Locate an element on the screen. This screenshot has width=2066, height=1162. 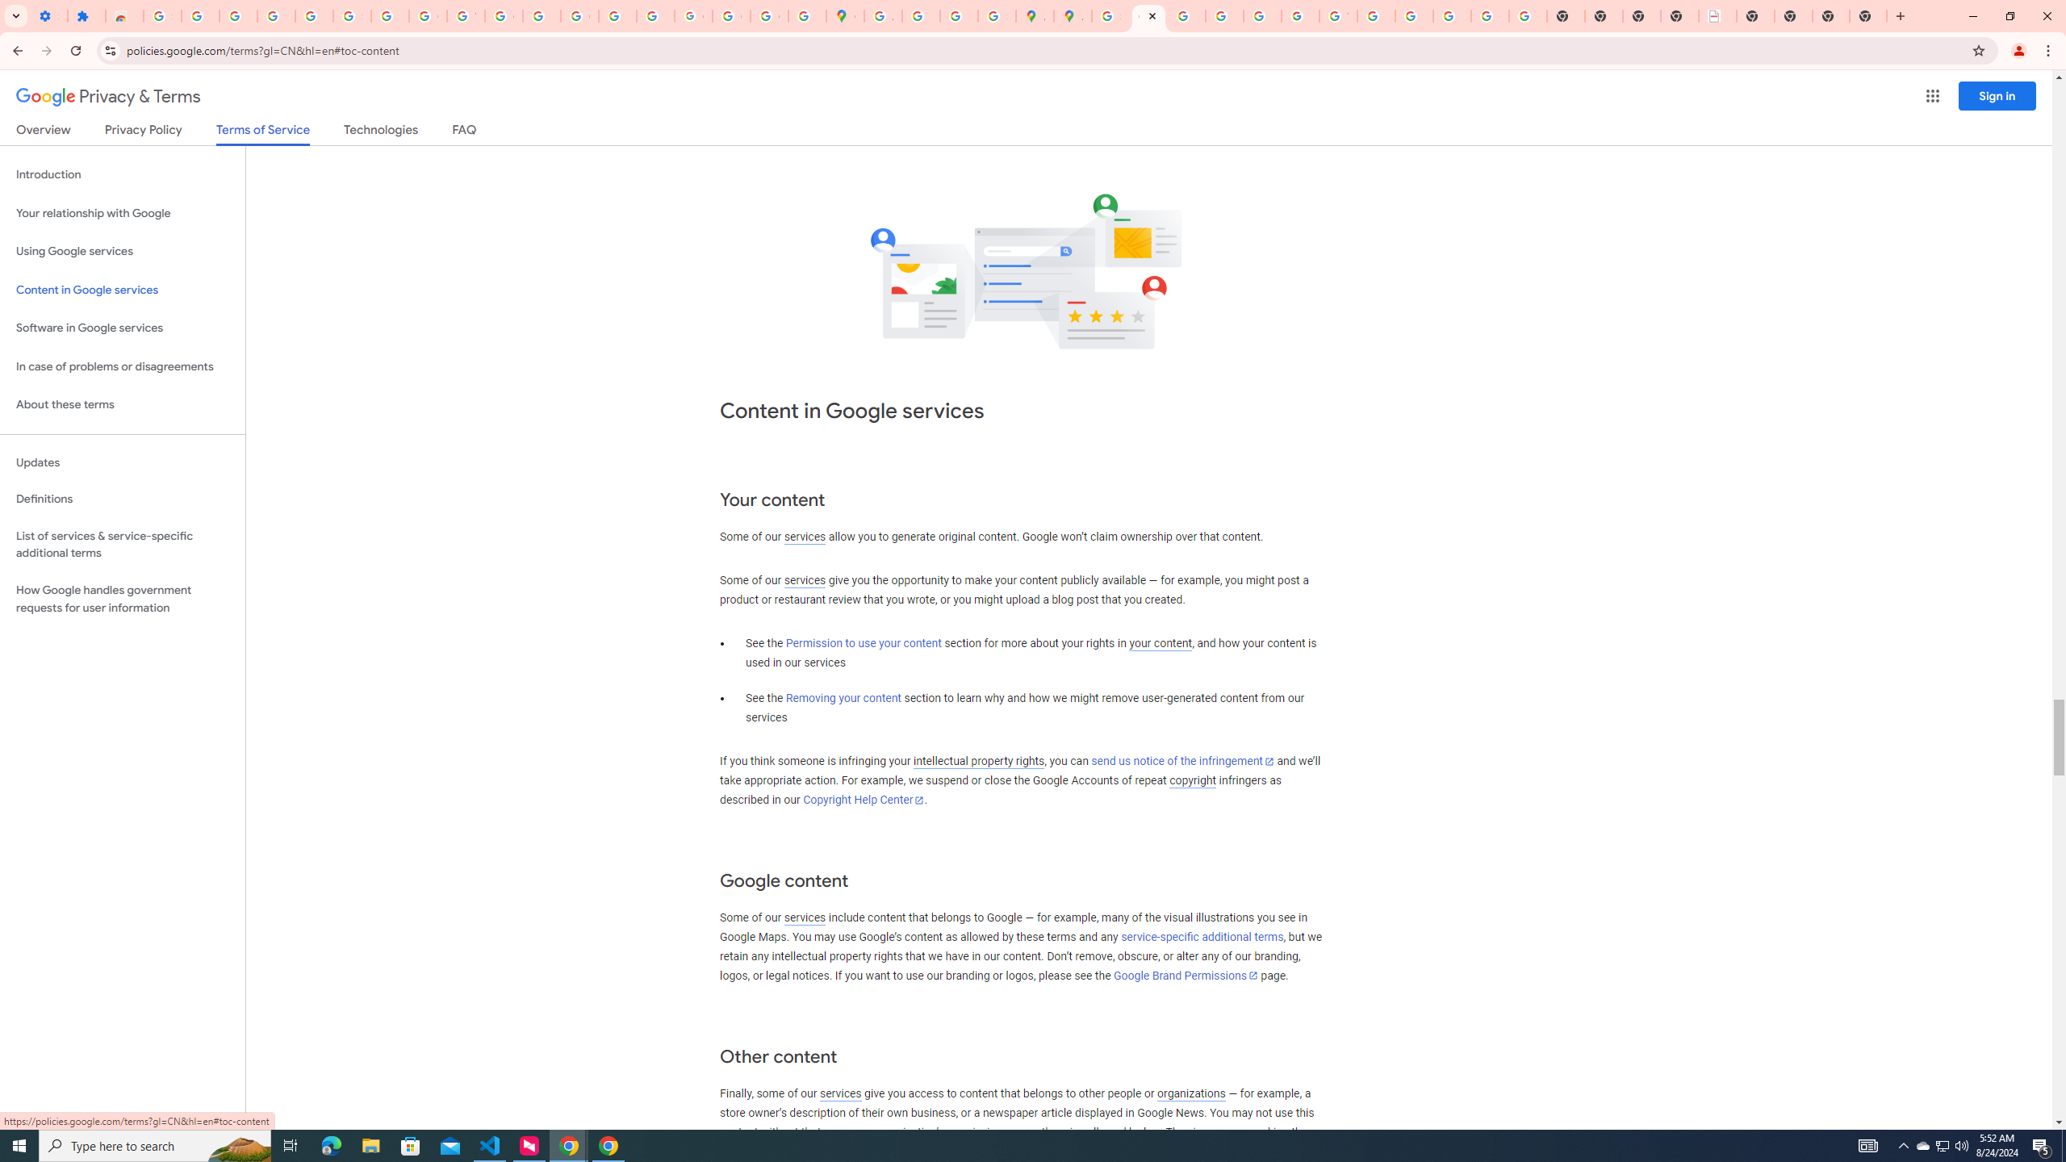
'service-specific additional terms' is located at coordinates (1201, 937).